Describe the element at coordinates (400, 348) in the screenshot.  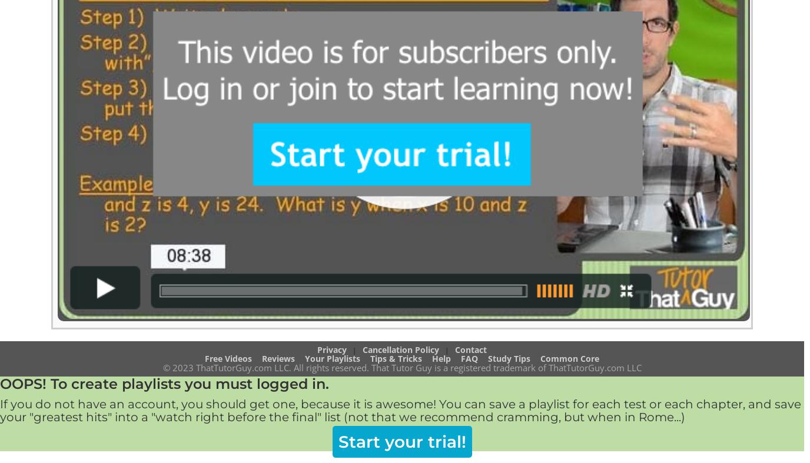
I see `'Cancellation Policy'` at that location.